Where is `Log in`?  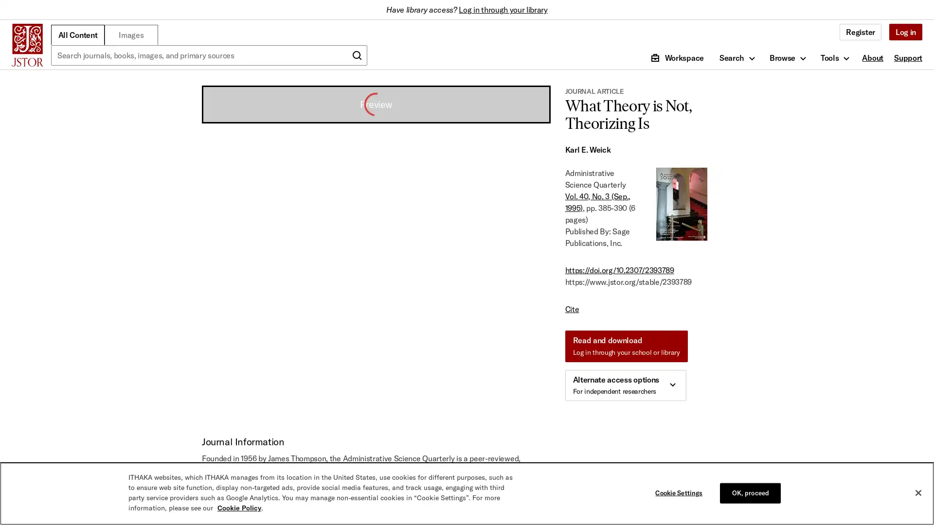
Log in is located at coordinates (905, 31).